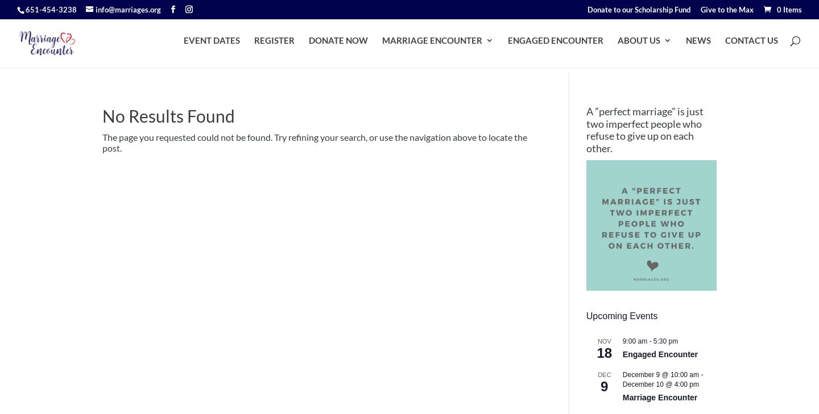  Describe the element at coordinates (555, 45) in the screenshot. I see `'ENGAGED ENCOUNTER'` at that location.